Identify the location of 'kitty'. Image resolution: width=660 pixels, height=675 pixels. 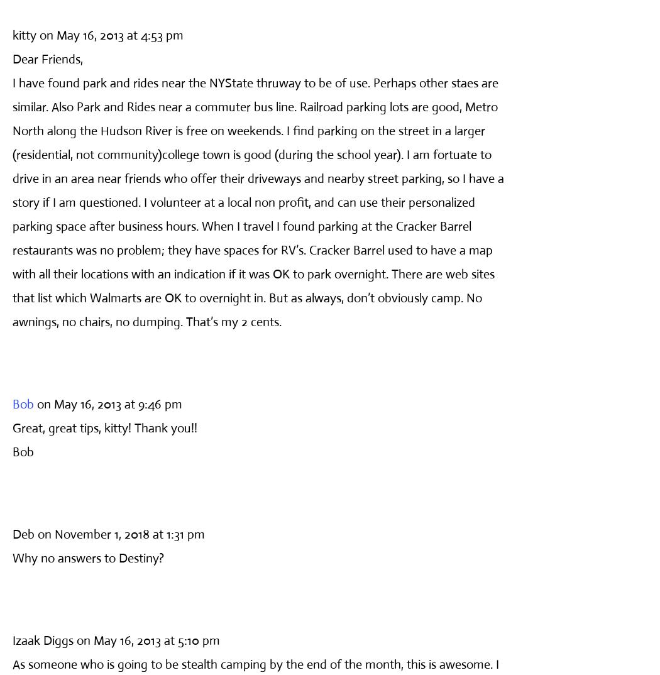
(12, 35).